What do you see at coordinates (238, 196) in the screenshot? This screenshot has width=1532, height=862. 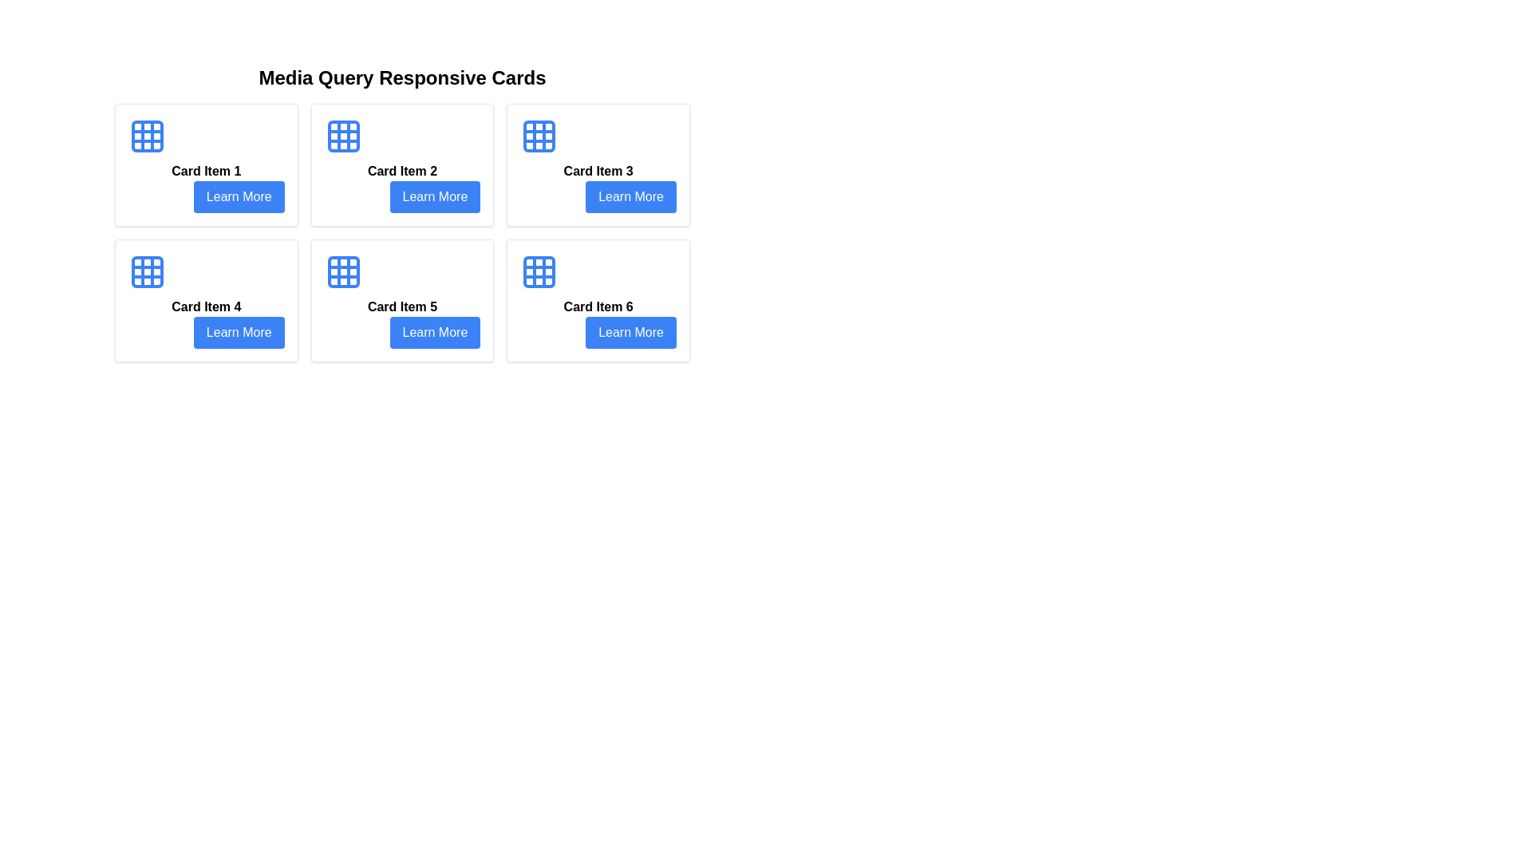 I see `the 'Learn More' button located at the bottom right corner of 'Card Item 1'` at bounding box center [238, 196].